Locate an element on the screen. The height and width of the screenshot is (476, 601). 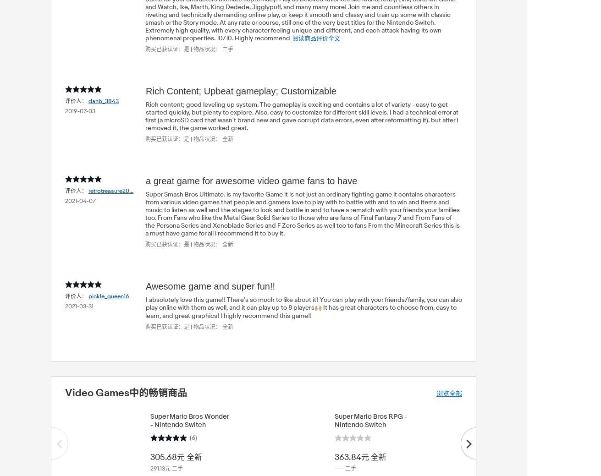
'The Legend of Zelda: Tears of the Kingdom - Nintendo Switch' is located at coordinates (519, 424).